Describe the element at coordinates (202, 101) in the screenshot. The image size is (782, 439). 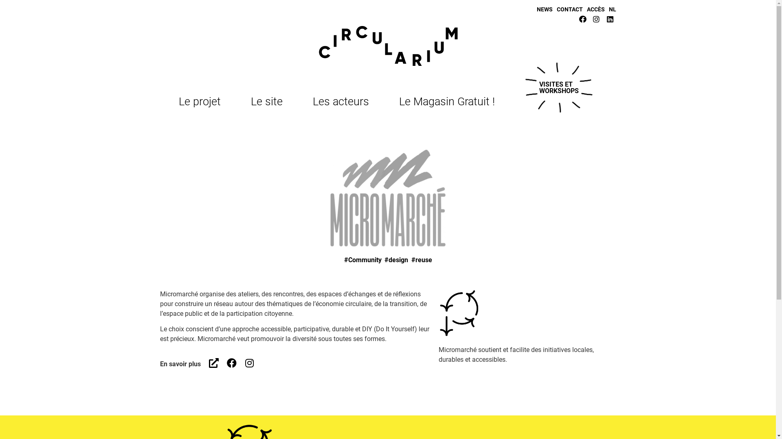
I see `'Le projet'` at that location.